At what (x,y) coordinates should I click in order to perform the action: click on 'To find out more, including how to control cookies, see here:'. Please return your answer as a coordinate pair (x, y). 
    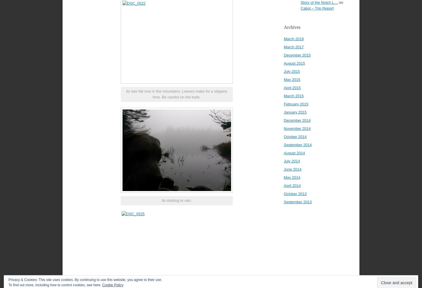
    Looking at the image, I should click on (55, 285).